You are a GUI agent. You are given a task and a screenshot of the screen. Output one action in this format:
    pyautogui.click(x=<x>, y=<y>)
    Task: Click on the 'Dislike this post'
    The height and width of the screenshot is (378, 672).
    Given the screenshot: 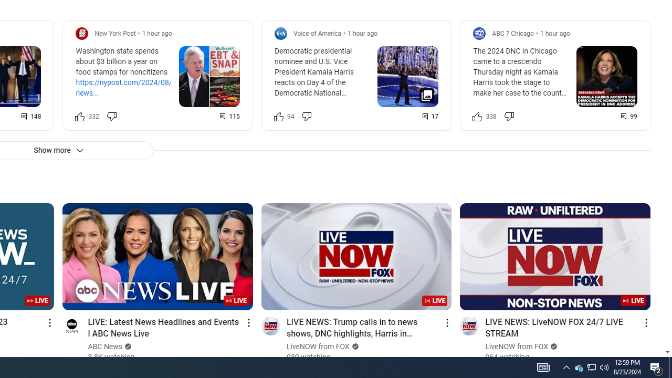 What is the action you would take?
    pyautogui.click(x=509, y=116)
    